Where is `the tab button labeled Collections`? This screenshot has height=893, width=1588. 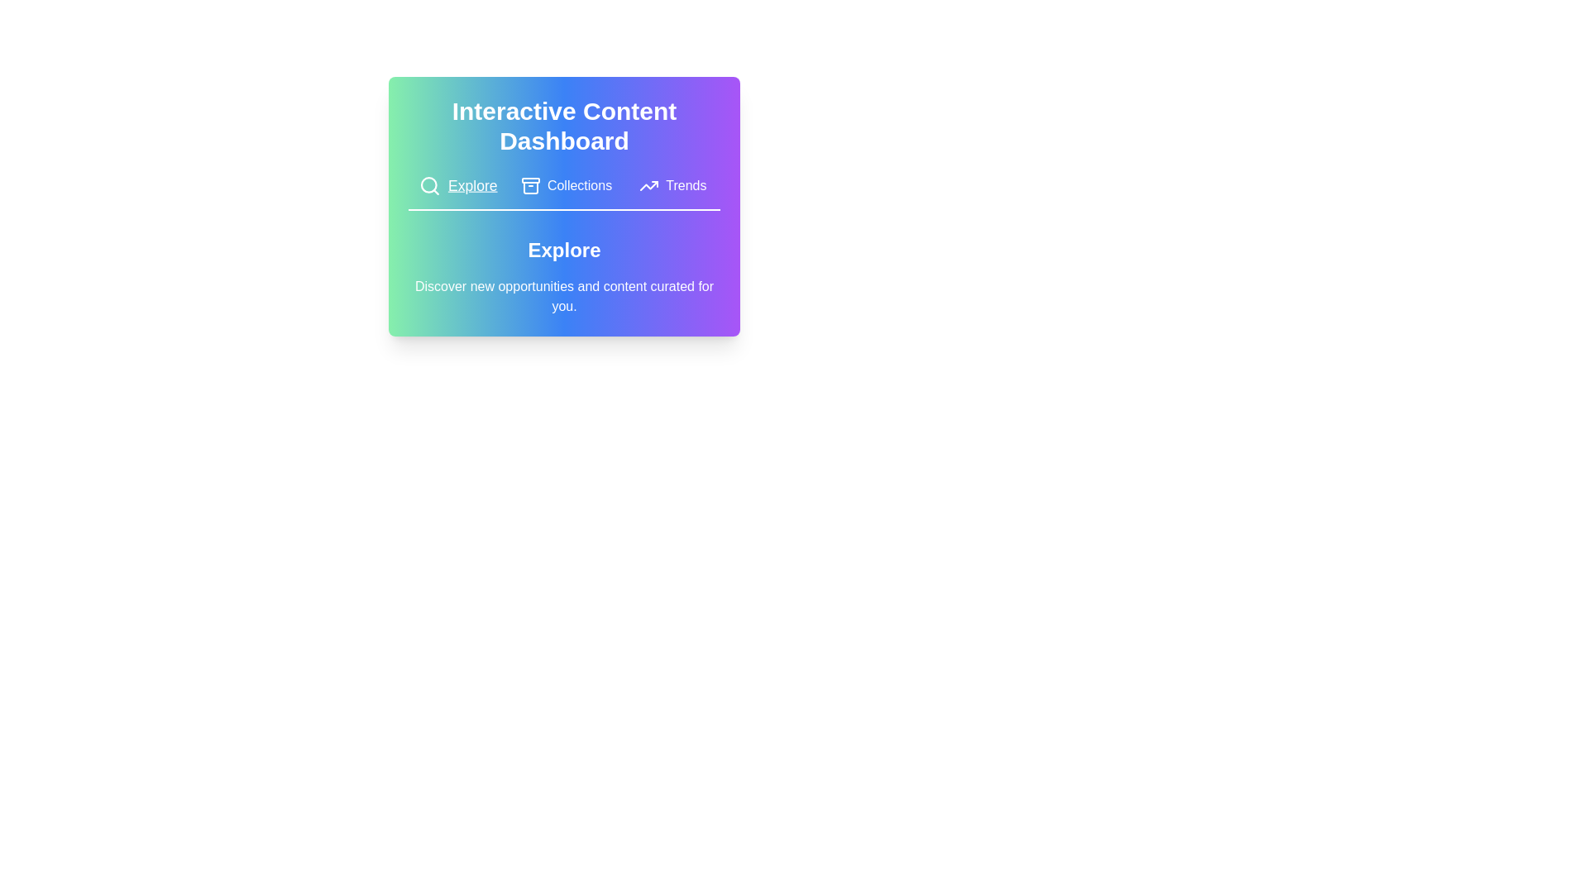 the tab button labeled Collections is located at coordinates (567, 185).